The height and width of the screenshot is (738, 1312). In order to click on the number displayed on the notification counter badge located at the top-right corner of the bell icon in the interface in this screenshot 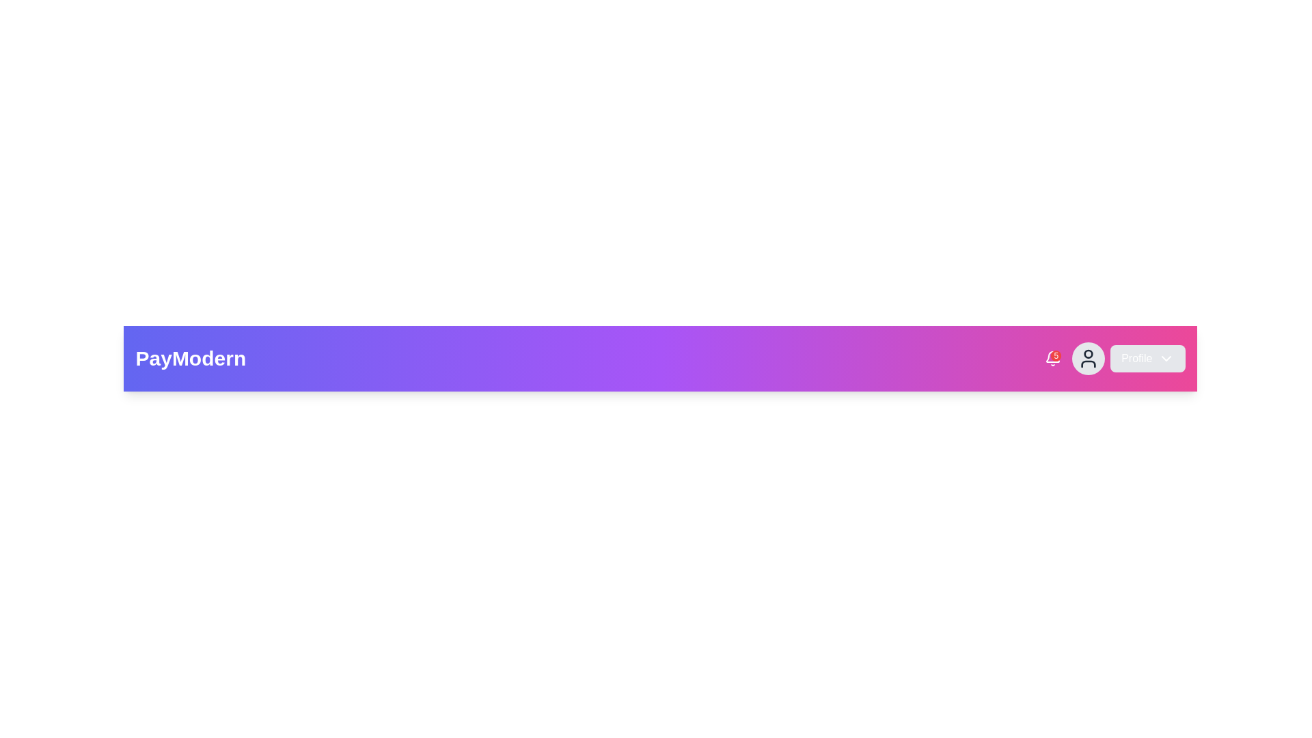, I will do `click(1055, 355)`.